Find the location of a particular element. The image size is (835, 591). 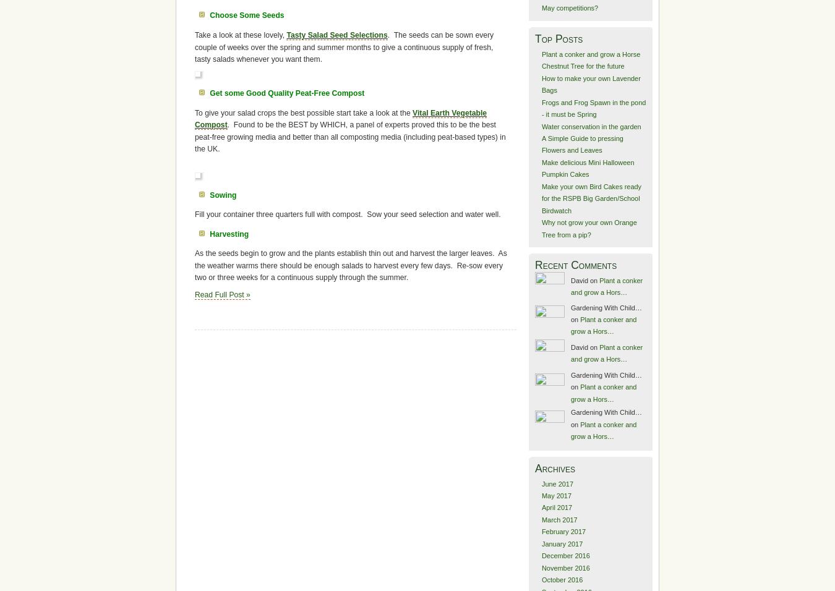

'Archives' is located at coordinates (555, 467).